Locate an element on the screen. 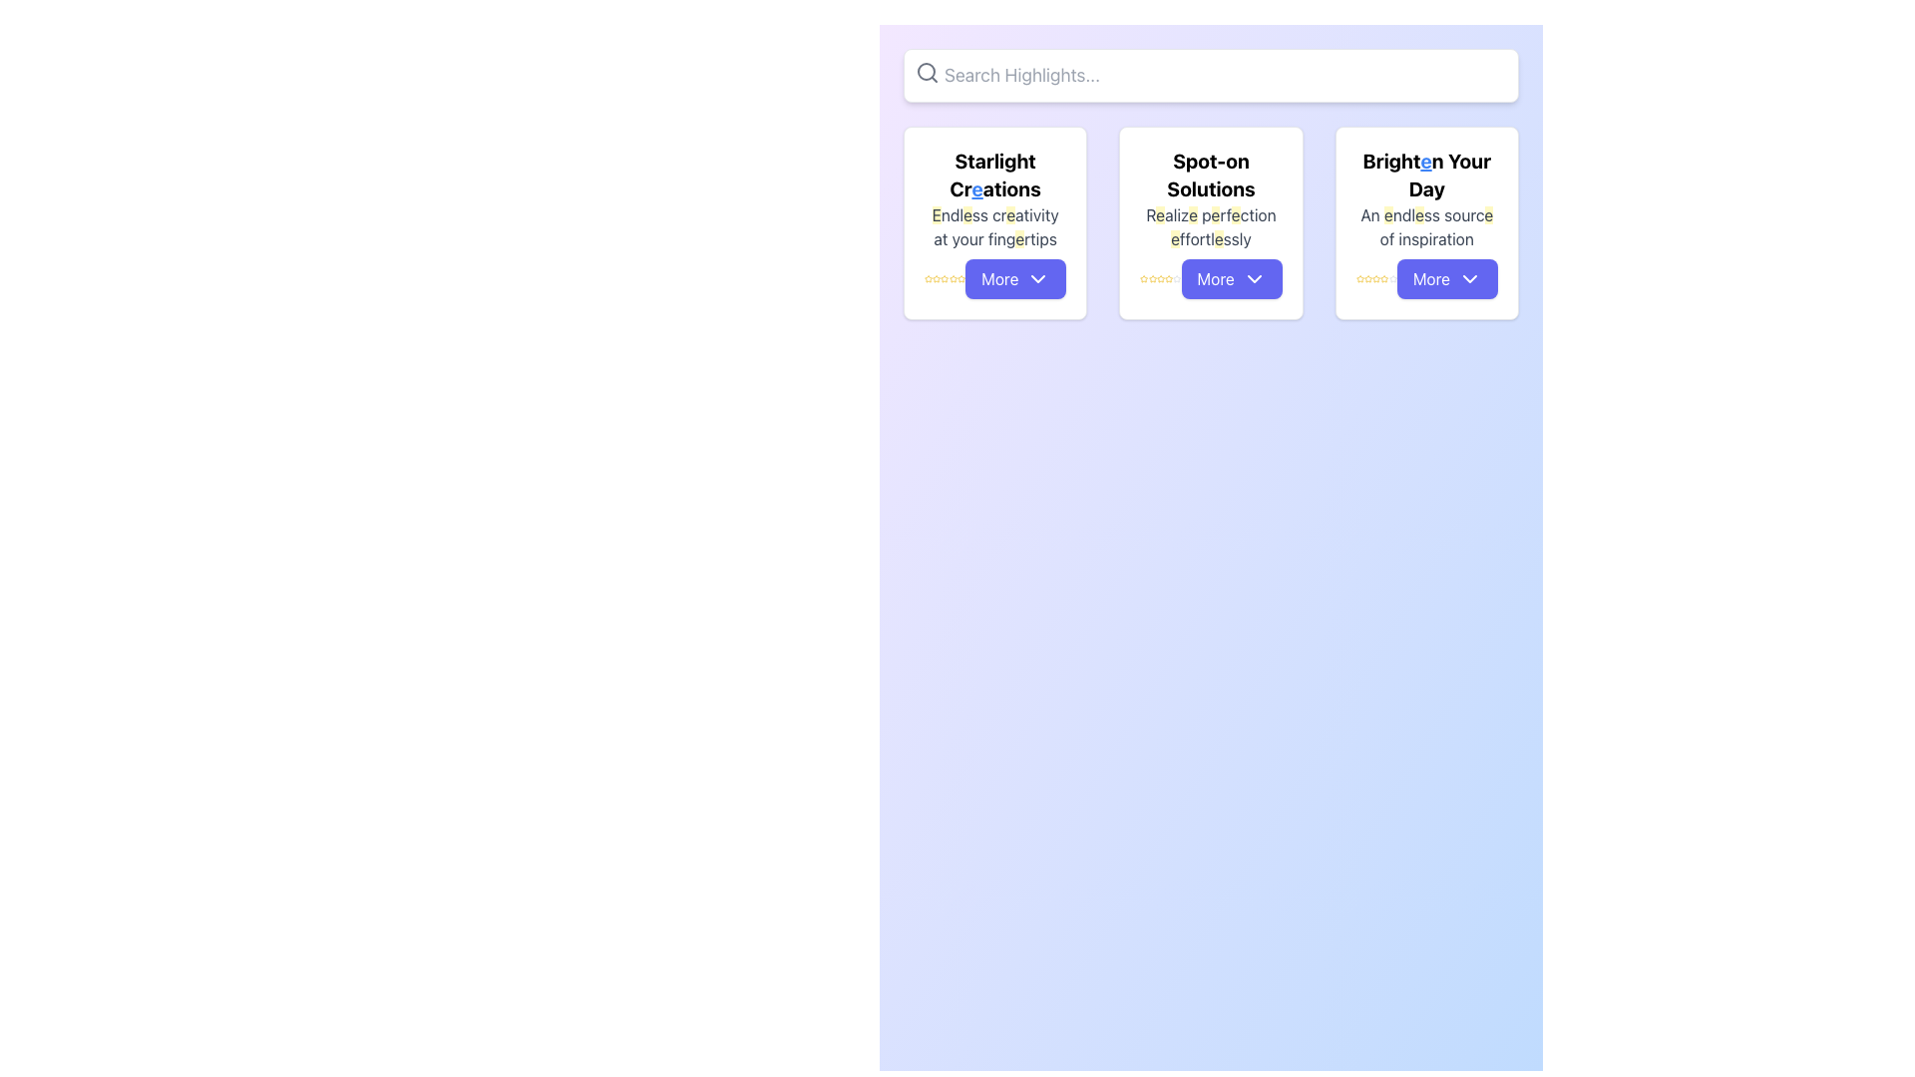 This screenshot has height=1077, width=1915. text content of the first character of the text 'Realize perfection effortlessly' located in the second card below the heading 'Spot-on Solutions' is located at coordinates (1151, 215).